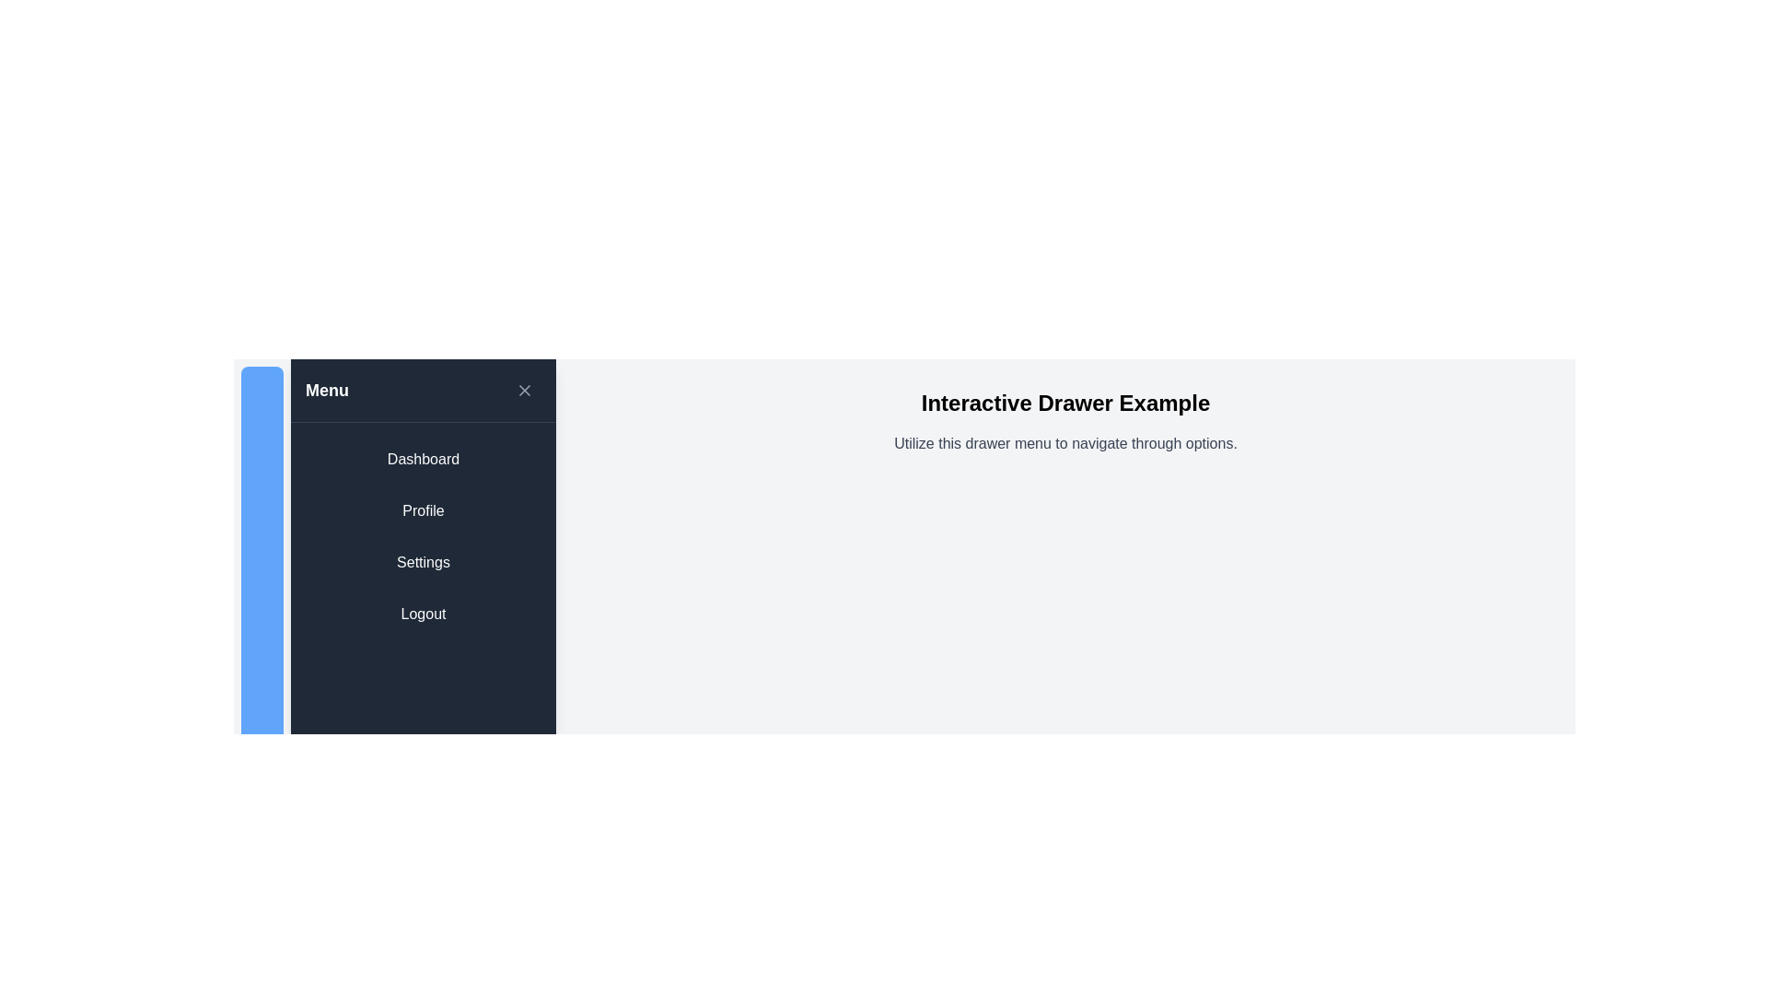  Describe the element at coordinates (1065, 444) in the screenshot. I see `the static text providing instructions for the drawer menu, located beneath the 'Interactive Drawer Example' heading` at that location.